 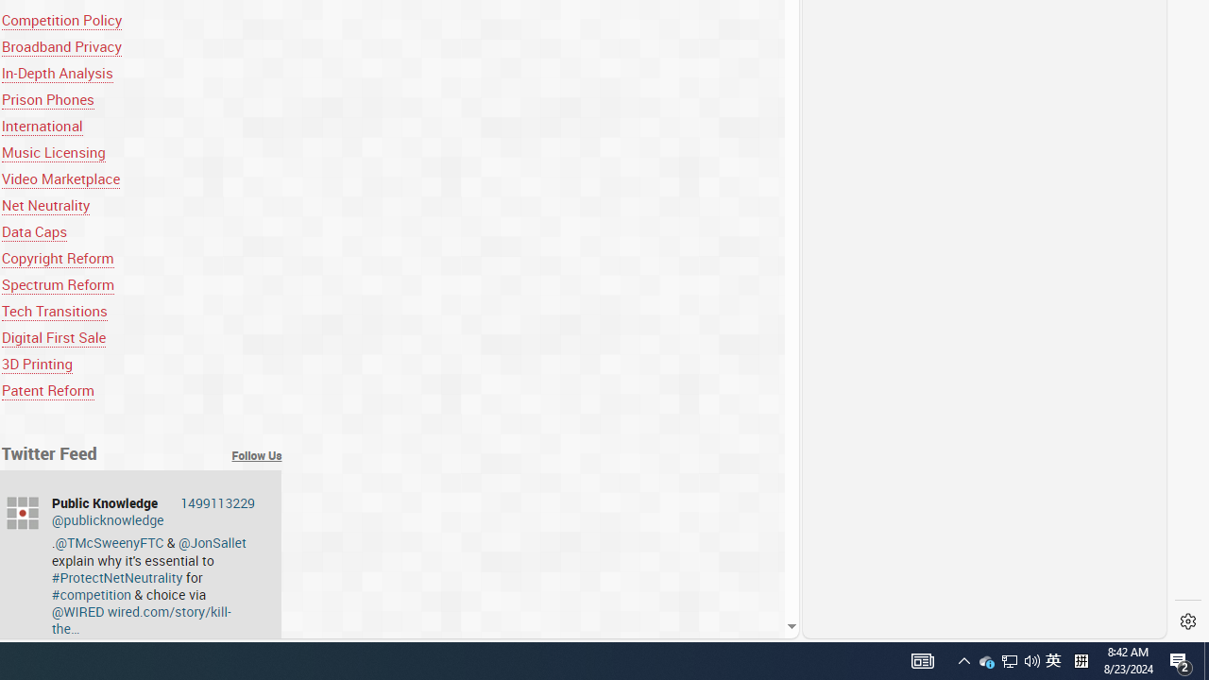 What do you see at coordinates (212, 542) in the screenshot?
I see `'@JonSallet'` at bounding box center [212, 542].